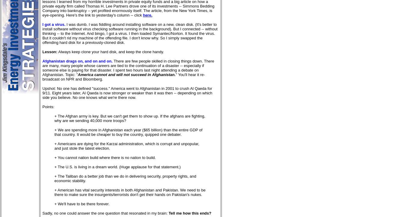 The width and height of the screenshot is (406, 217). I want to click on '" 
  You'll hear it re-broadcast on NPR and Bloomberg.', so click(123, 77).